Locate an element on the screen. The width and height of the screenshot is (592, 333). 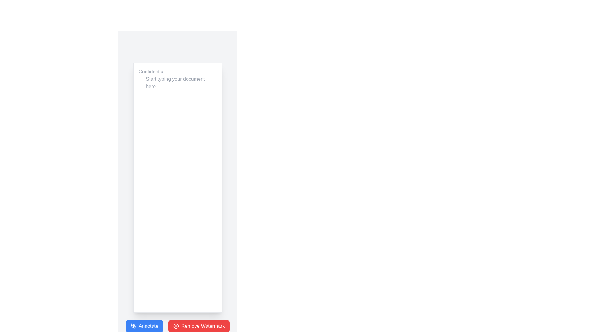
the icon located within the red 'Remove Watermark' button, positioned towards the left edge of the button is located at coordinates (175, 326).